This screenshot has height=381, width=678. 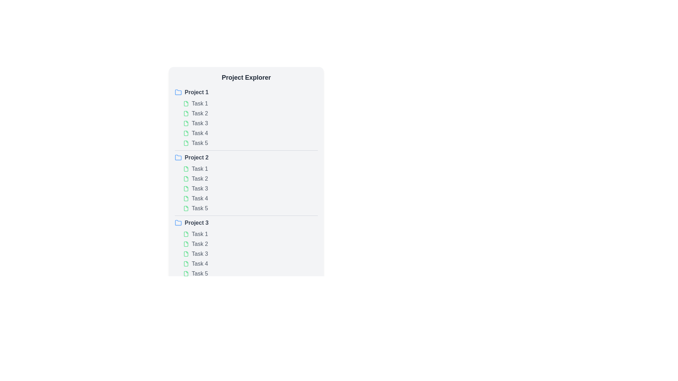 I want to click on the text label representing 'Task 2' in the project explorer layout, which is the second task listed under 'Project 1', so click(x=200, y=113).